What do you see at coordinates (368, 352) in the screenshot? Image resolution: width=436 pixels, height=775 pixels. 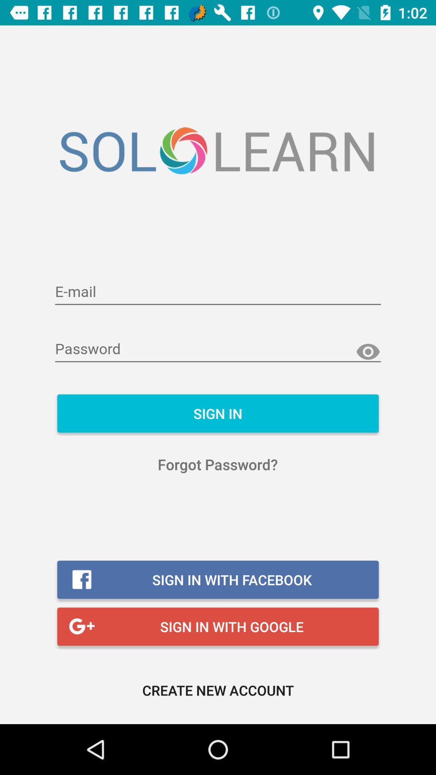 I see `show hidden password` at bounding box center [368, 352].